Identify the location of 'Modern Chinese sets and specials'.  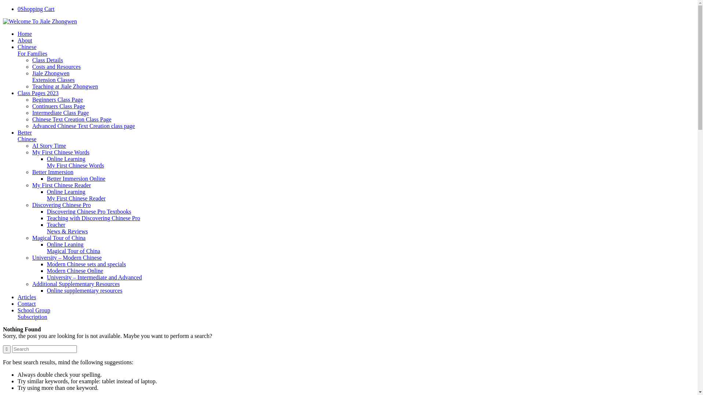
(86, 264).